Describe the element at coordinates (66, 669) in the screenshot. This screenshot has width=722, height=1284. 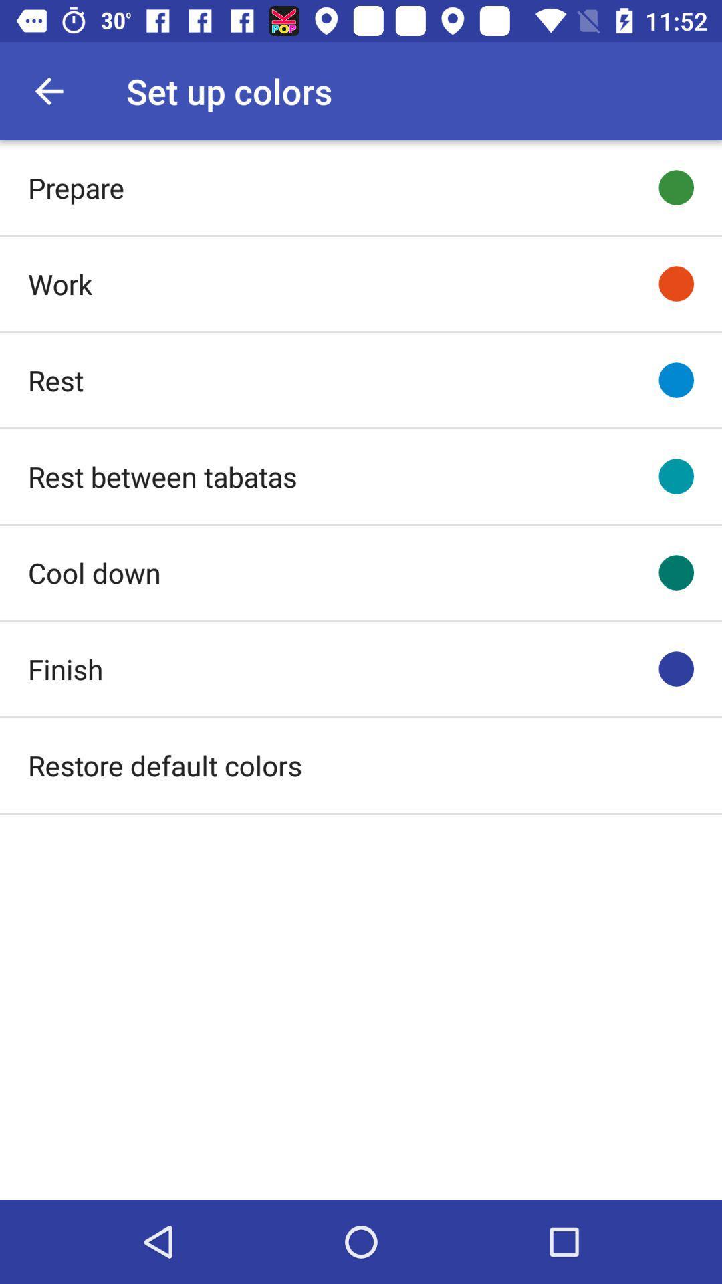
I see `the icon above restore default colors` at that location.